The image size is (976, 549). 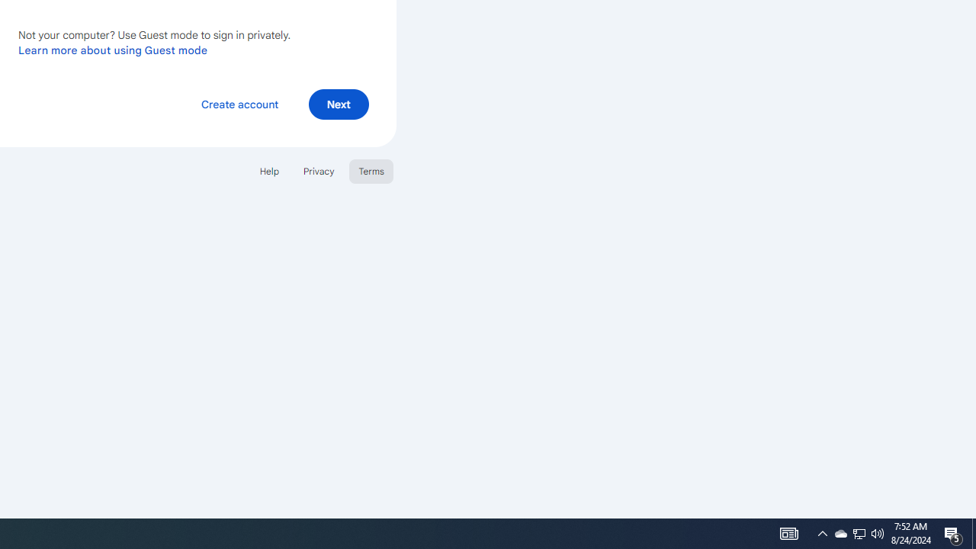 What do you see at coordinates (239, 103) in the screenshot?
I see `'Create account'` at bounding box center [239, 103].